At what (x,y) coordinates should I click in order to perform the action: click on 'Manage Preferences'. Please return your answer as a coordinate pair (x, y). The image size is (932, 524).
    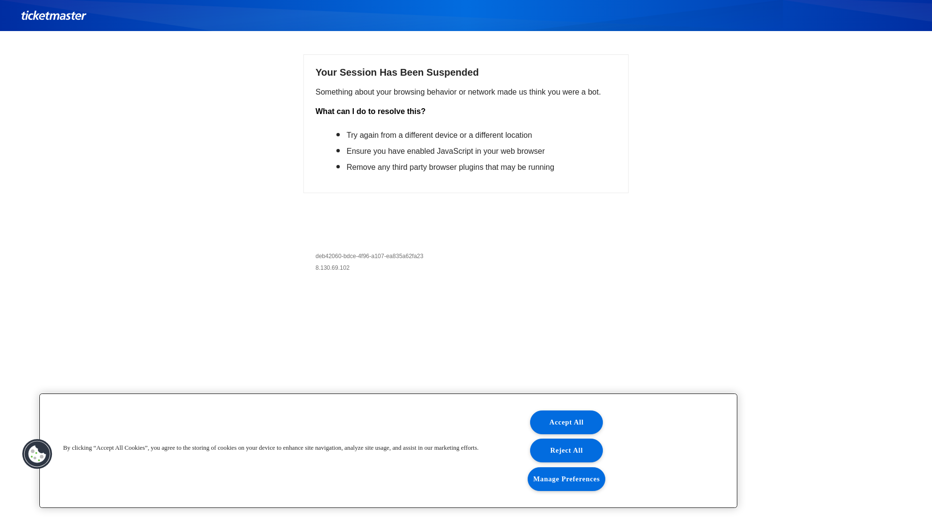
    Looking at the image, I should click on (527, 478).